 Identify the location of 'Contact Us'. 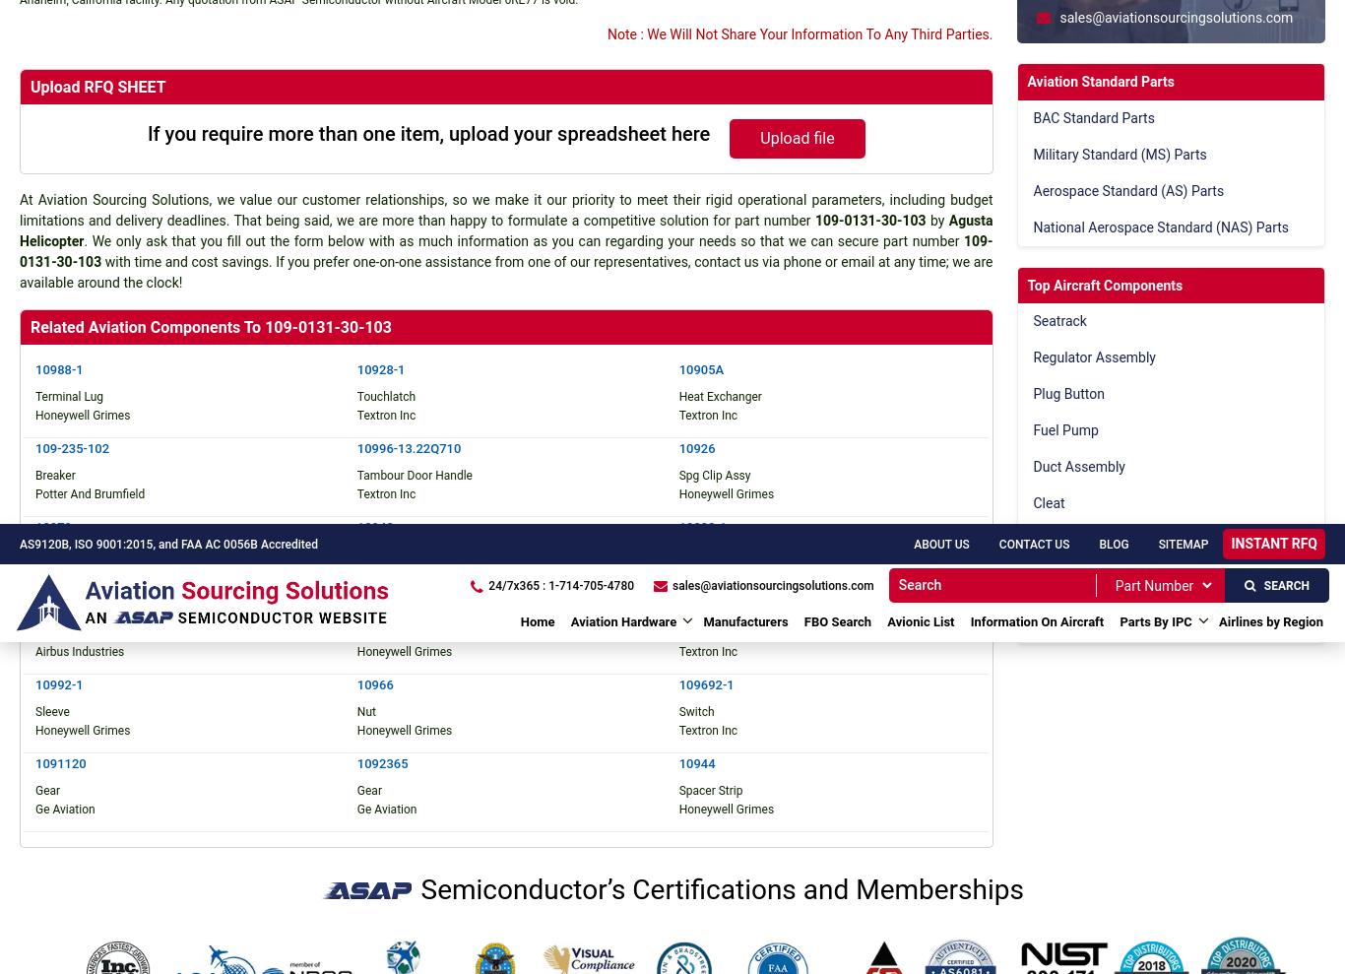
(619, 176).